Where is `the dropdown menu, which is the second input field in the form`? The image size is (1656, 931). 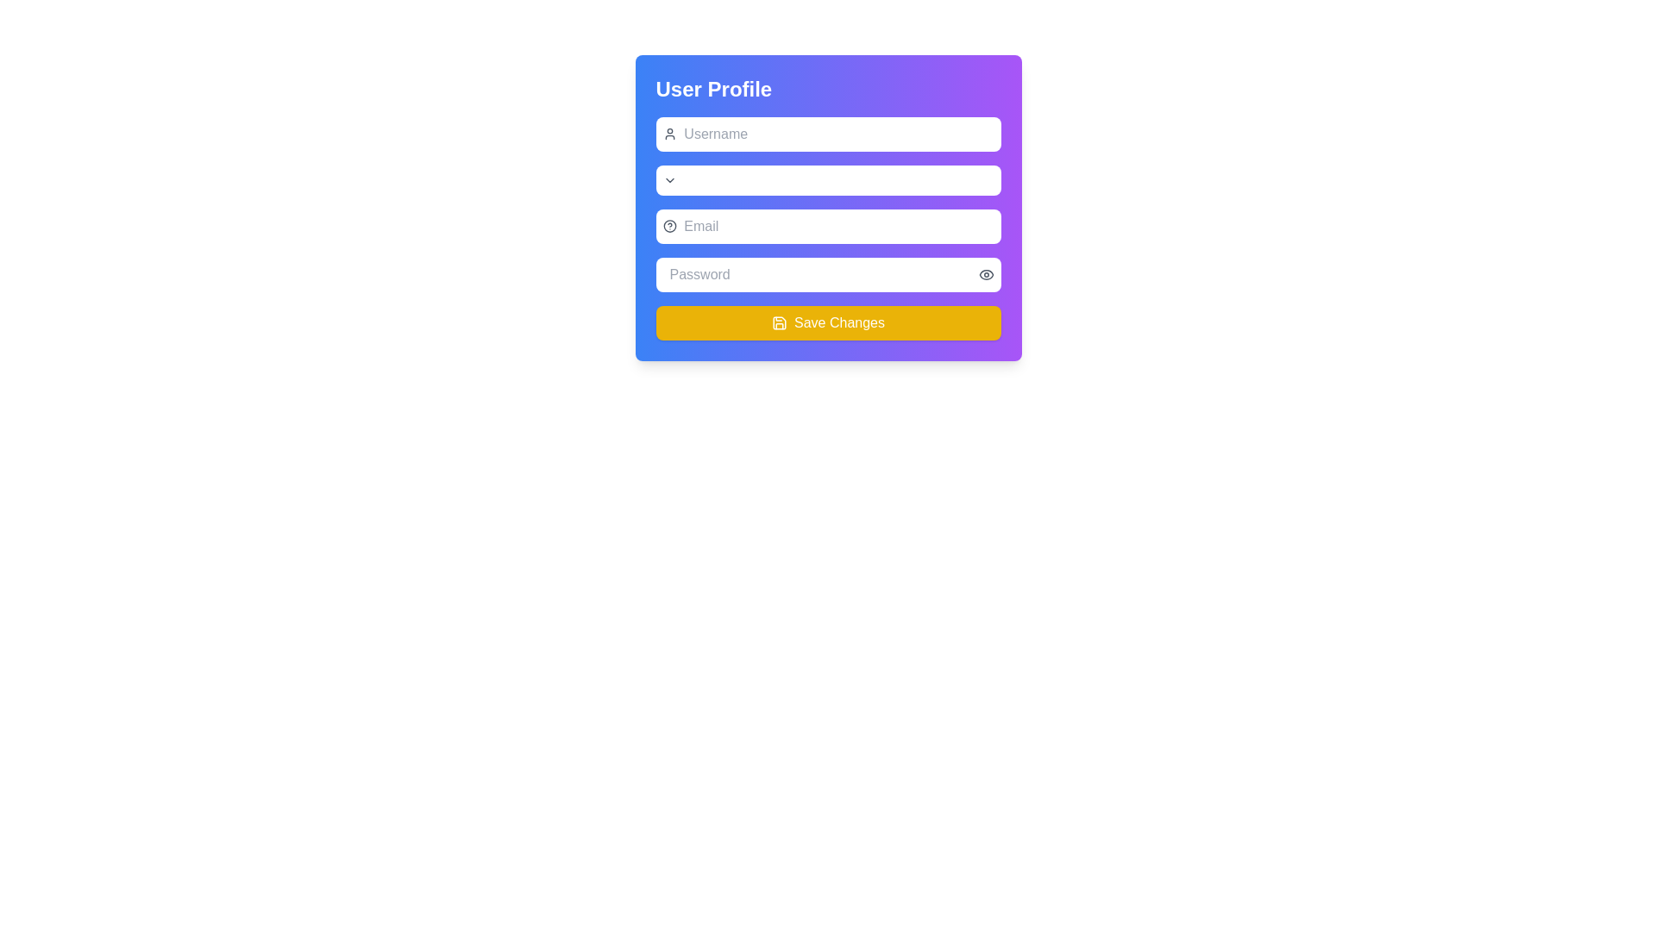
the dropdown menu, which is the second input field in the form is located at coordinates (828, 180).